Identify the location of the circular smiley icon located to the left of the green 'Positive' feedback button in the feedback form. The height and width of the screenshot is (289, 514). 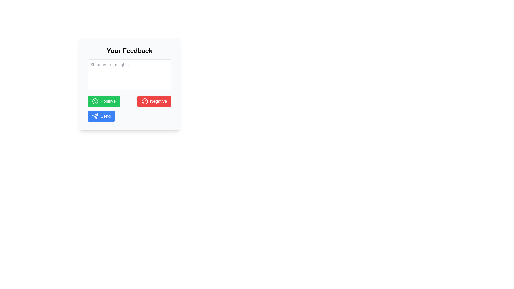
(95, 101).